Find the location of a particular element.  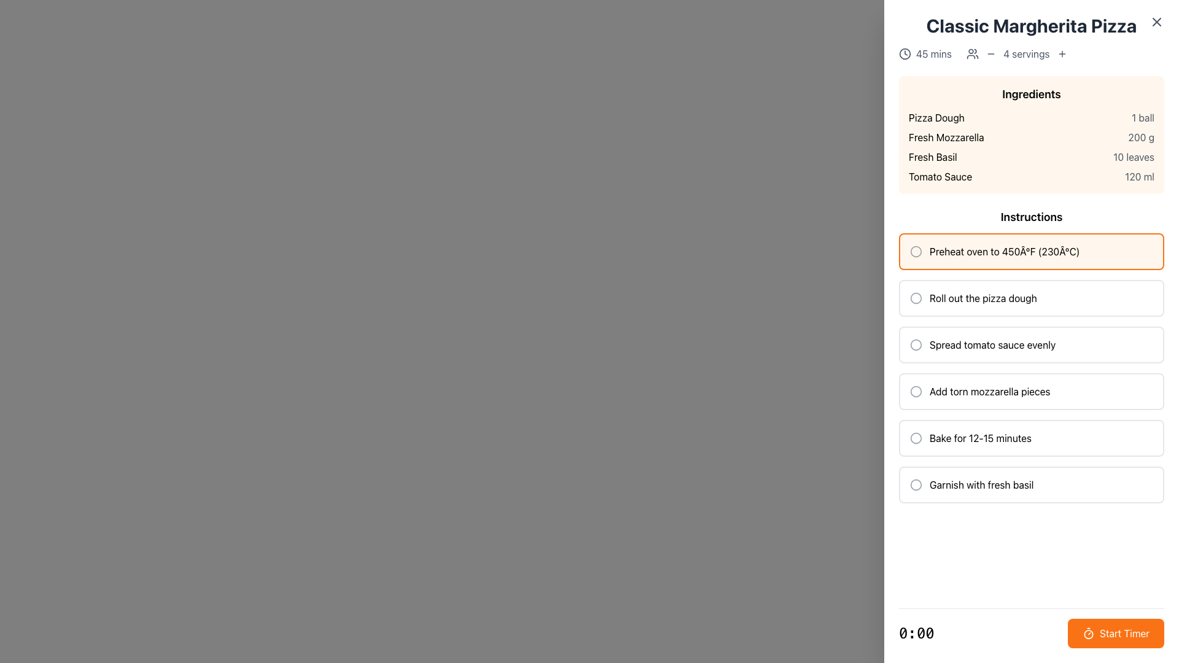

the status indication of the decorative or status indicator circle located in the fourth instruction step labeled 'Add torn mozzarella pieces' within the 'Instructions' section of the recipe interface is located at coordinates (916, 391).